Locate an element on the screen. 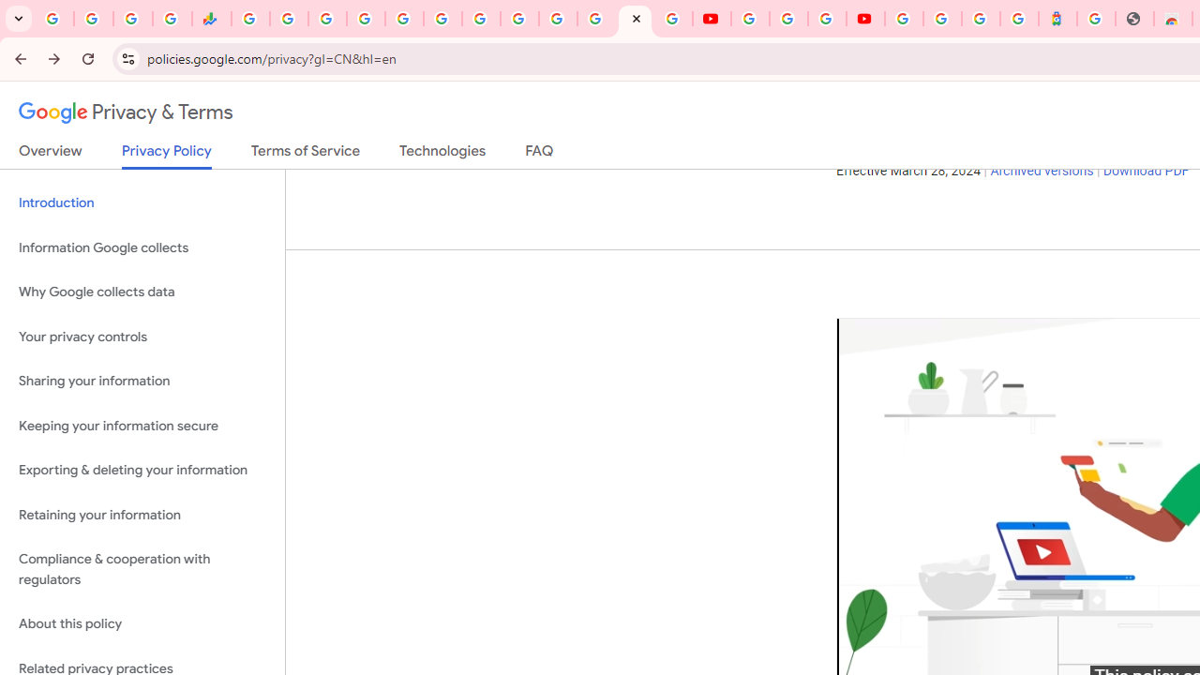 Image resolution: width=1200 pixels, height=675 pixels. 'Google Account Help' is located at coordinates (787, 19).